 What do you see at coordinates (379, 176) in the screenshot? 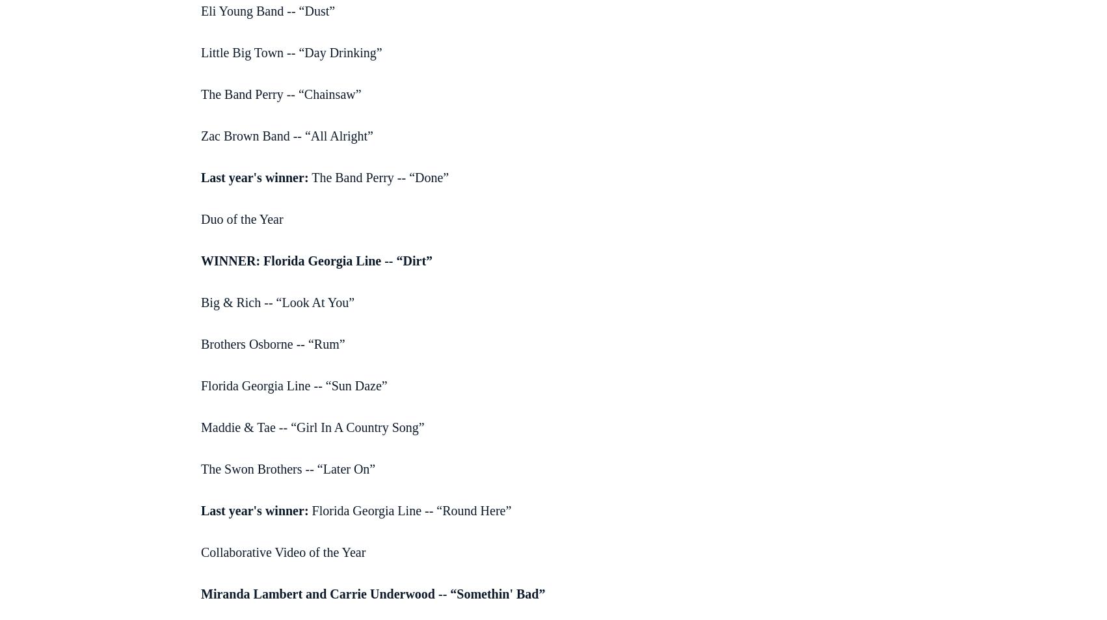
I see `'The Band Perry -- “Done”'` at bounding box center [379, 176].